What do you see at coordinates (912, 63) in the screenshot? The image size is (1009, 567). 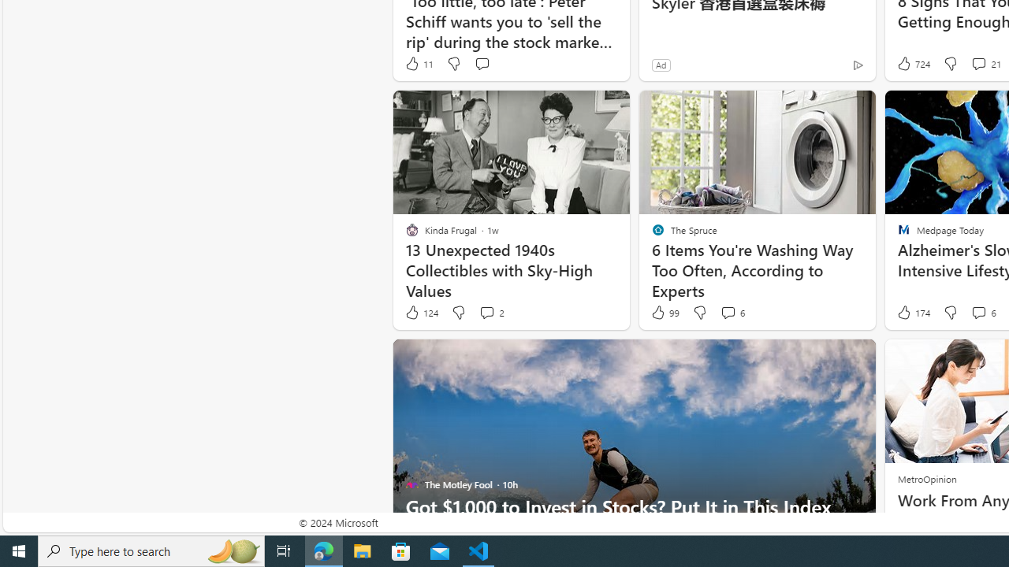 I see `'724 Like'` at bounding box center [912, 63].